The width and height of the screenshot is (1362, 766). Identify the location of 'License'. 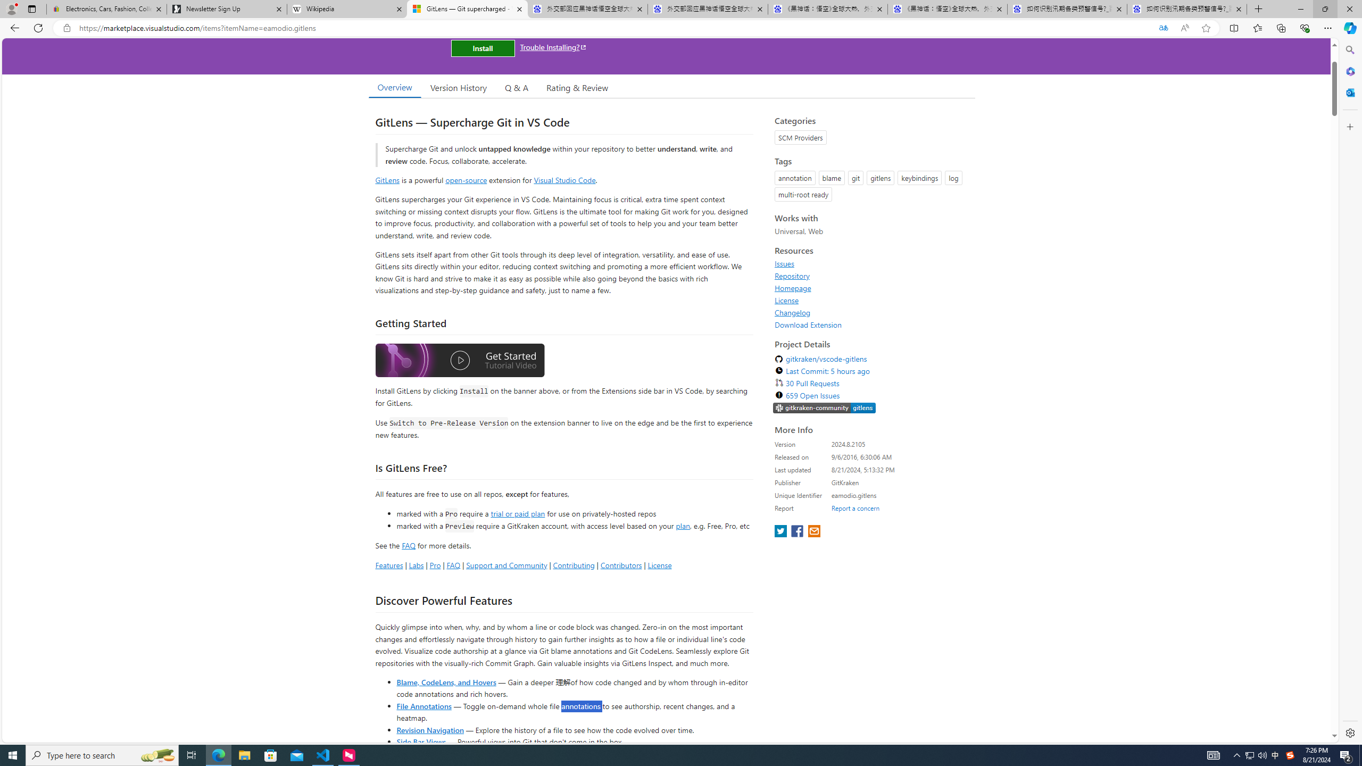
(786, 299).